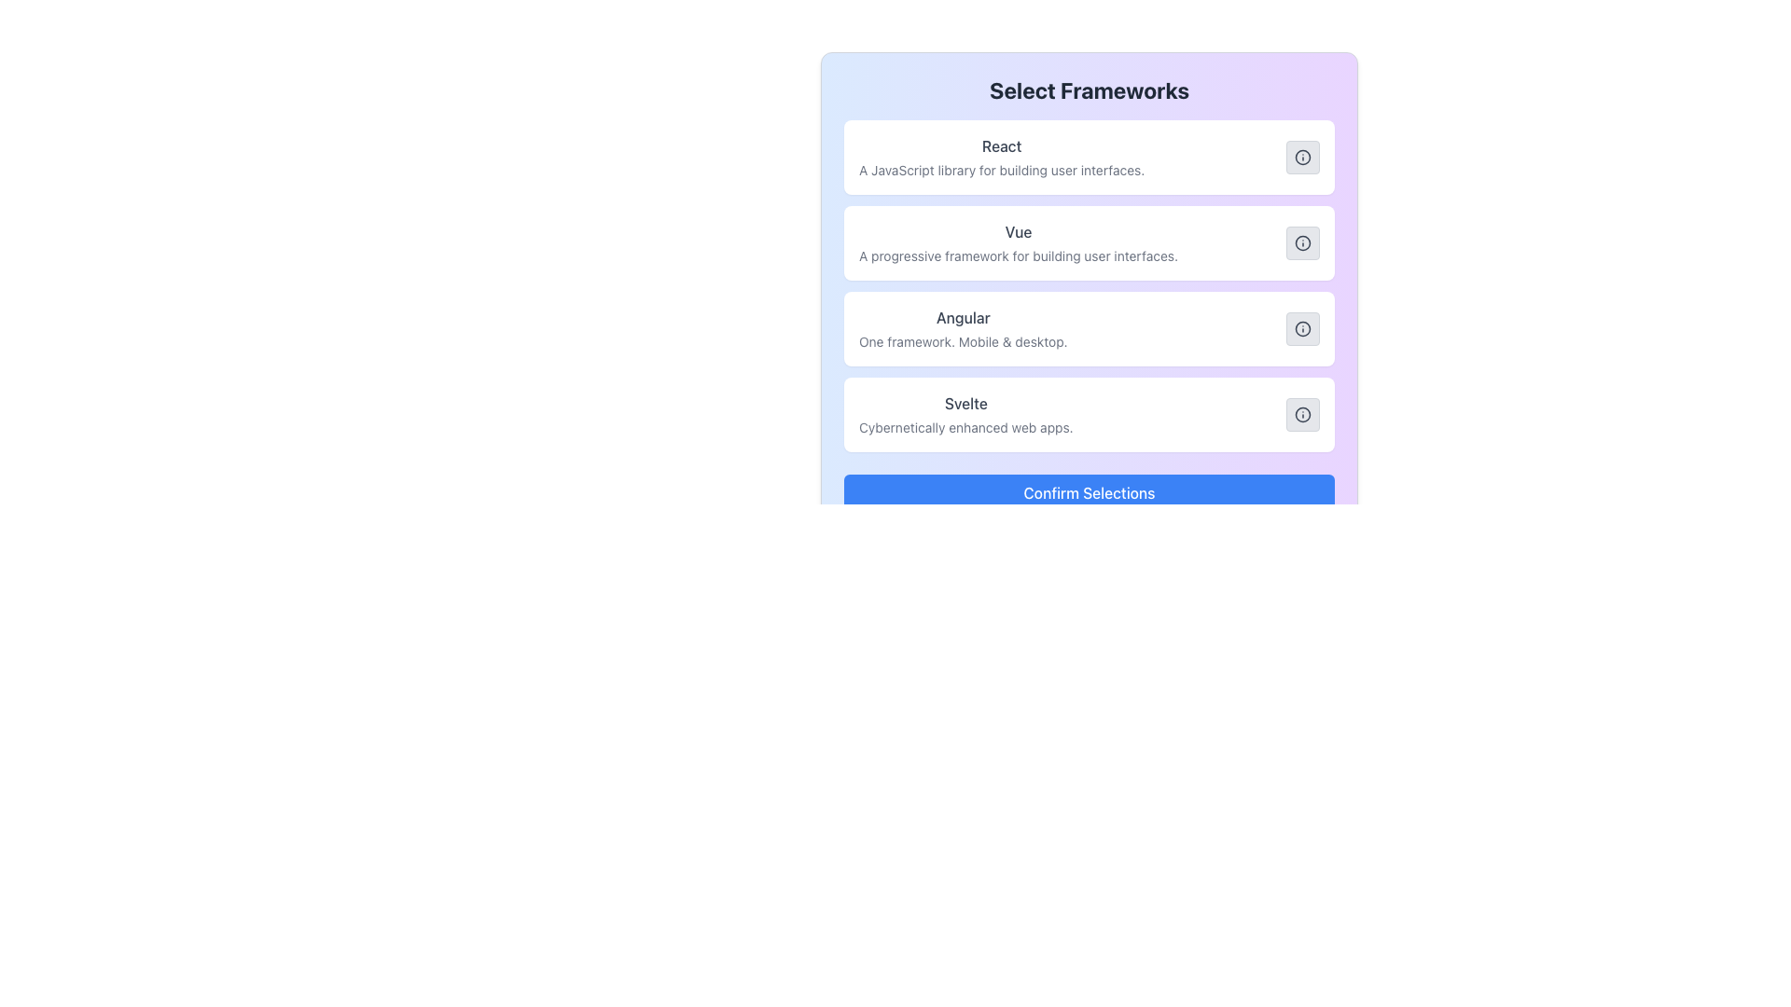 This screenshot has height=1007, width=1791. Describe the element at coordinates (1089, 294) in the screenshot. I see `the informative card for the 'Angular' framework, which is the third option in the 'Select Frameworks' section` at that location.